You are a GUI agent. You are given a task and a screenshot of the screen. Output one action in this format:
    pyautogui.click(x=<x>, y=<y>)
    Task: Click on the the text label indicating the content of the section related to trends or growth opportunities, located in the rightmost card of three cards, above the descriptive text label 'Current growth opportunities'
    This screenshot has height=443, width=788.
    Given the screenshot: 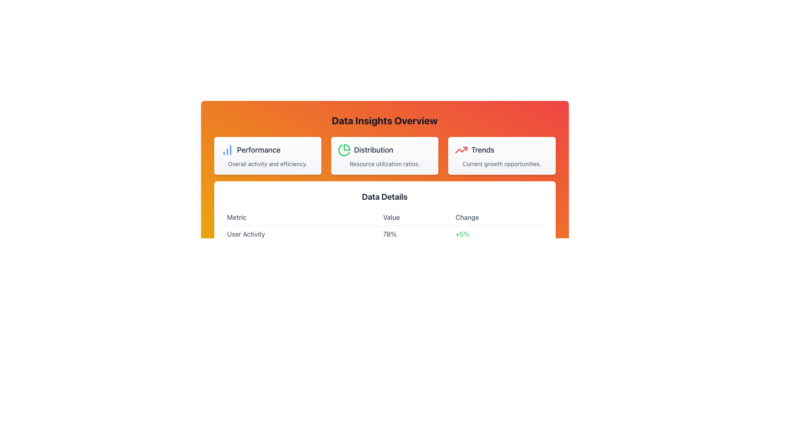 What is the action you would take?
    pyautogui.click(x=483, y=150)
    